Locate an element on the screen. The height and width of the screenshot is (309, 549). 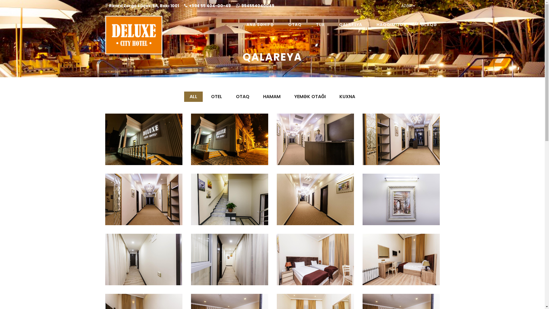
'Otel' is located at coordinates (229, 259).